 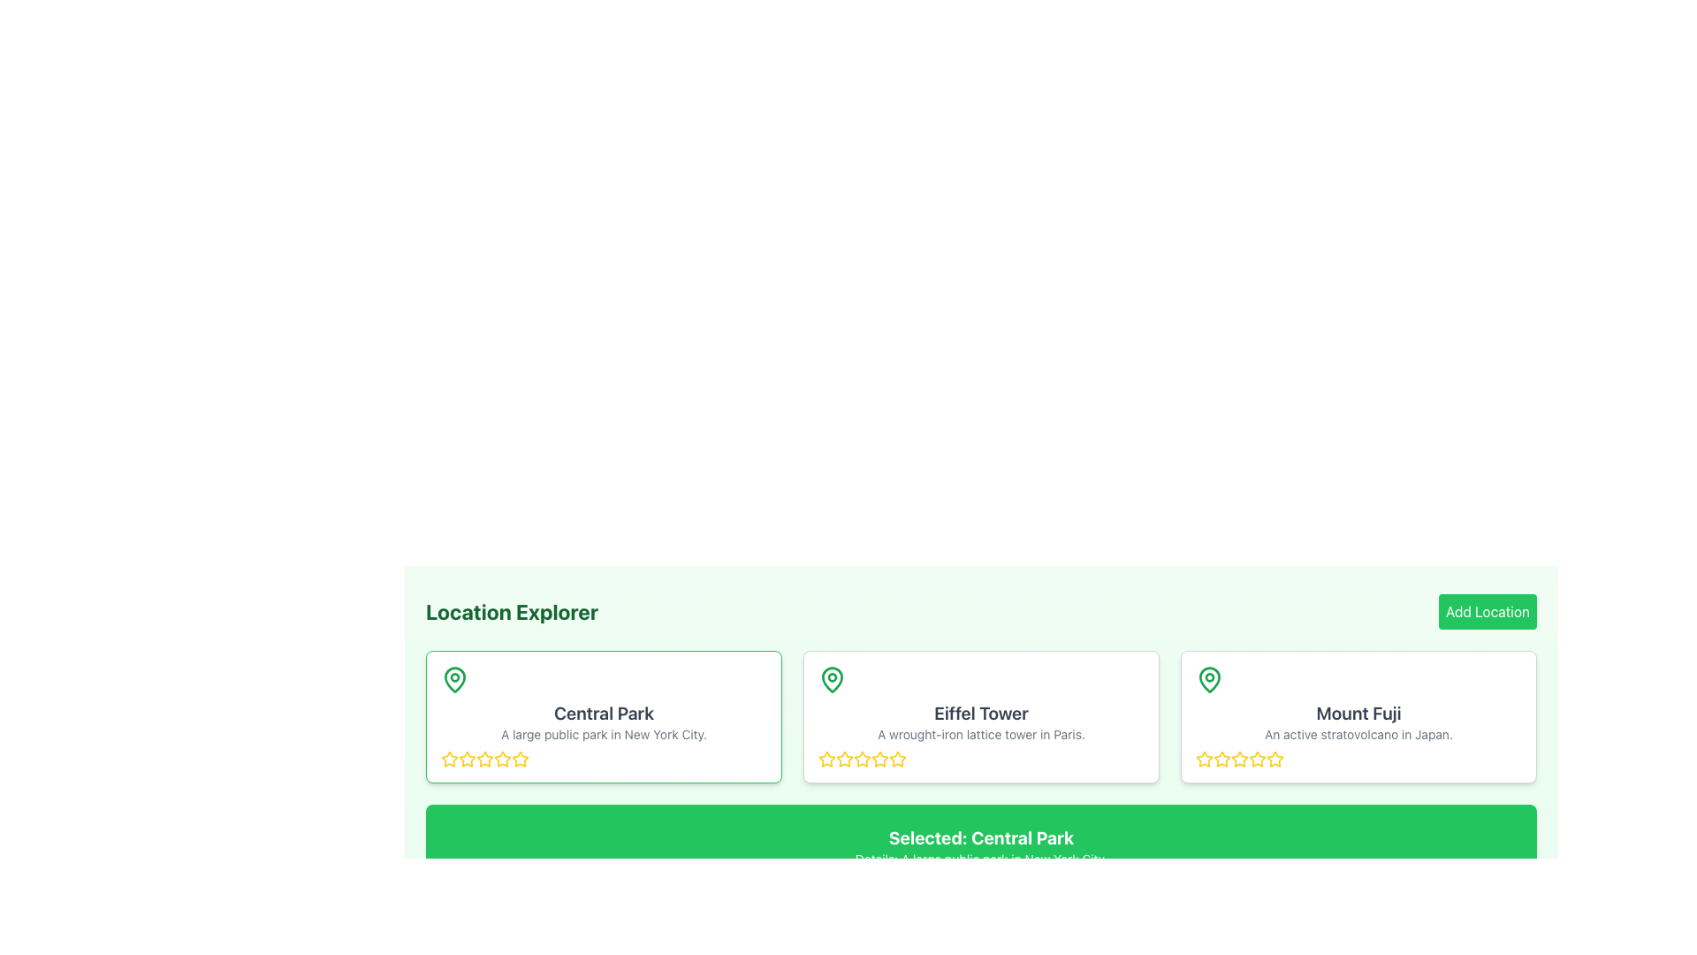 What do you see at coordinates (862, 758) in the screenshot?
I see `the third star in the five-star rating system located under the 'Eiffel Tower' card in the 'Location Explorer' interface` at bounding box center [862, 758].